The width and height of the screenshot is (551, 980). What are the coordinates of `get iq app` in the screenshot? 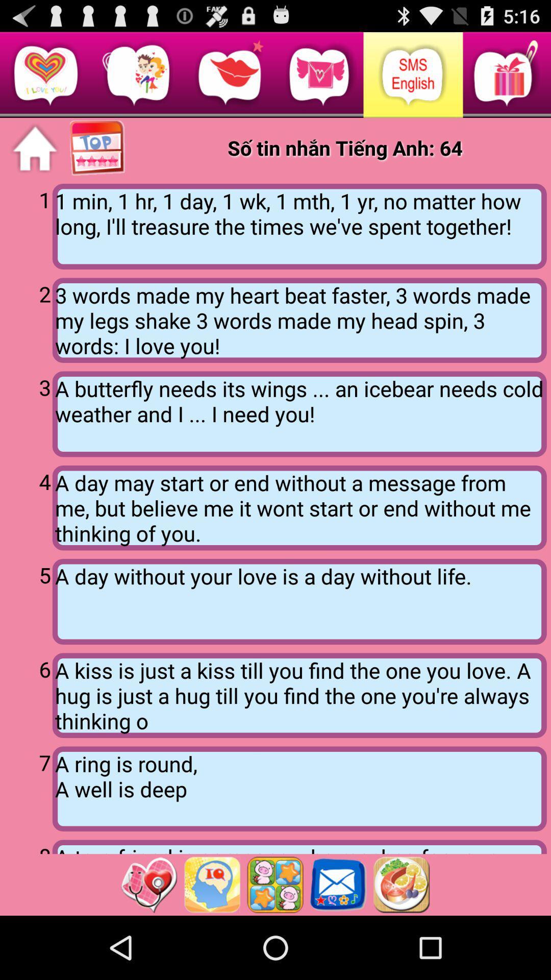 It's located at (211, 884).